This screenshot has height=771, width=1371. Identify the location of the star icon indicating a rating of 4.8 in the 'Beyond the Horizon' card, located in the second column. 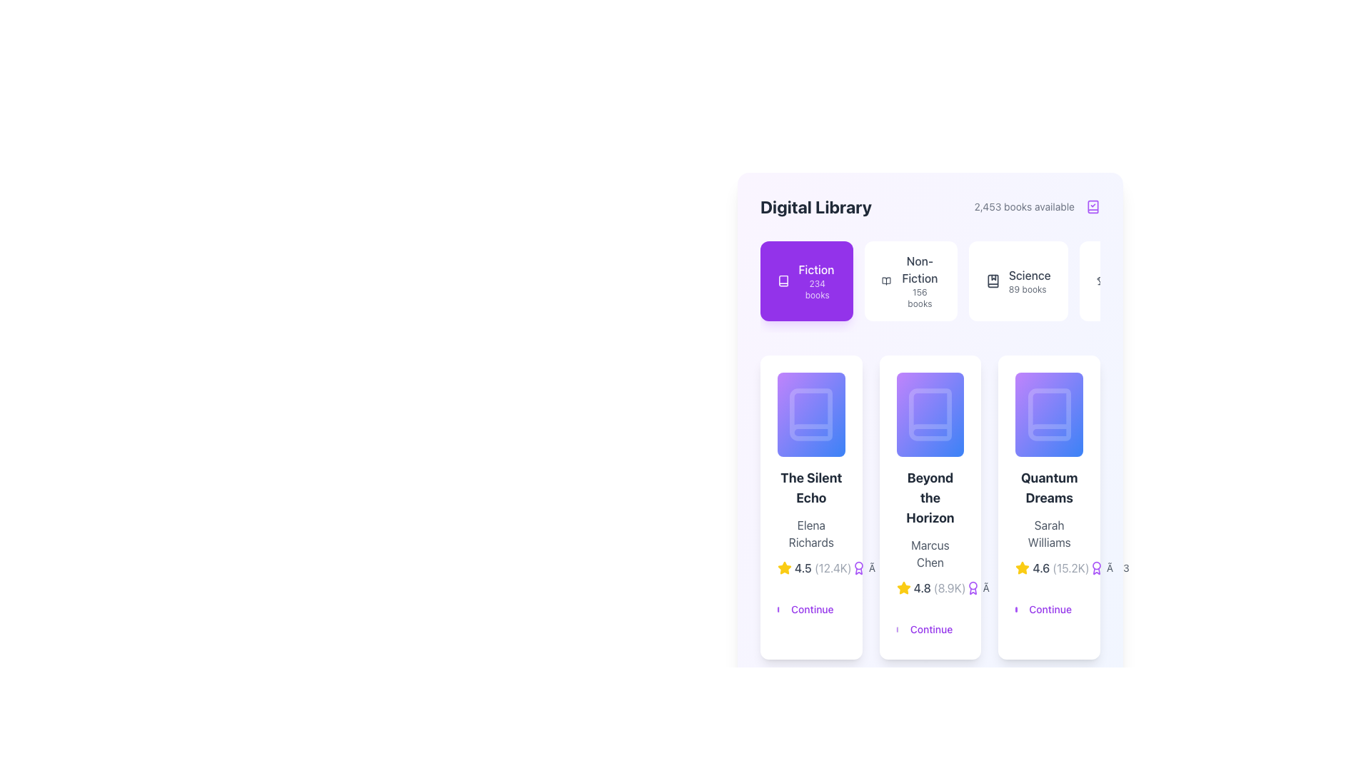
(903, 588).